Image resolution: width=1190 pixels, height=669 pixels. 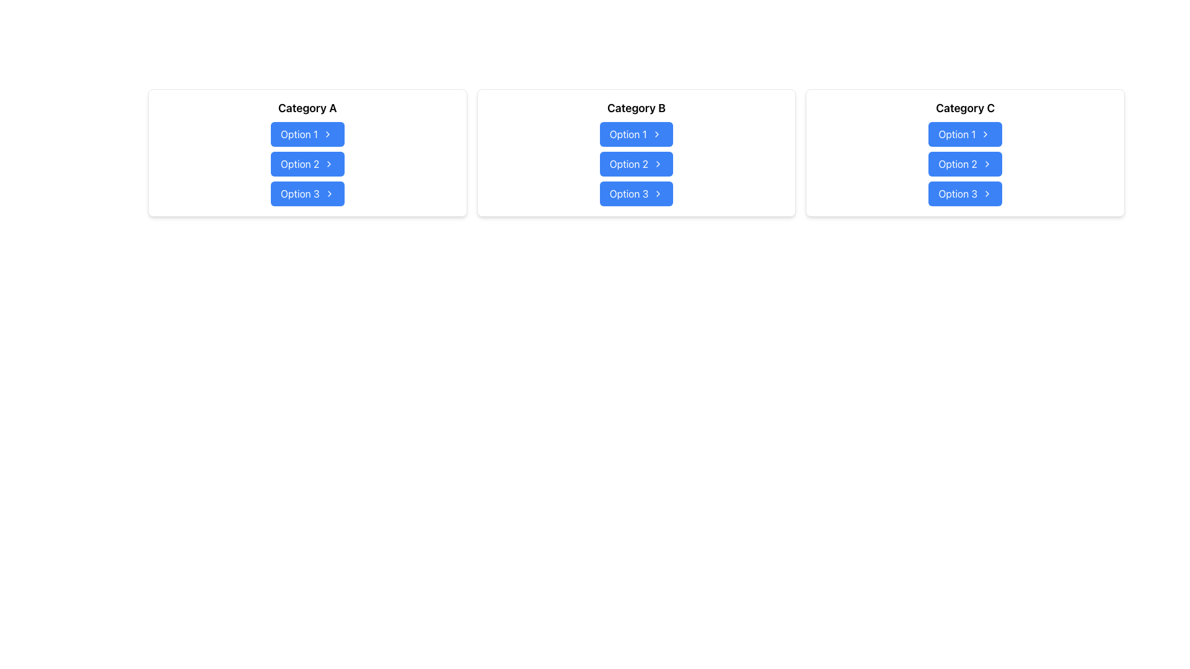 I want to click on the bold text label displaying 'Category B' located at the top of the center card, above the blue buttons, so click(x=637, y=107).